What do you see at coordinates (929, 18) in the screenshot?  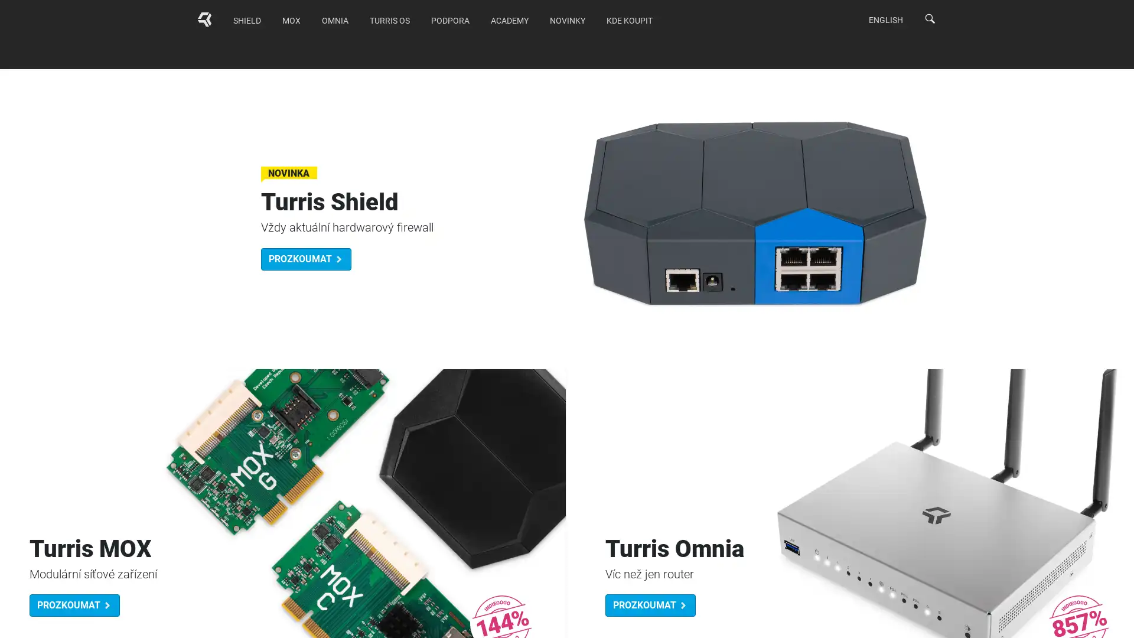 I see `Search icon` at bounding box center [929, 18].